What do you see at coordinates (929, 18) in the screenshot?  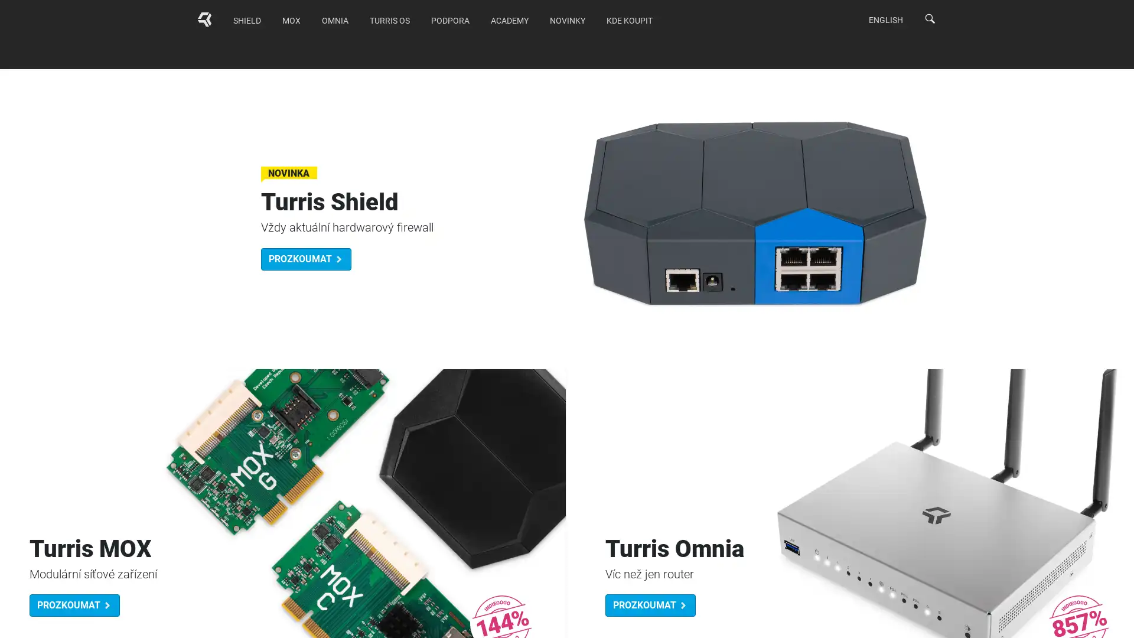 I see `Search icon` at bounding box center [929, 18].